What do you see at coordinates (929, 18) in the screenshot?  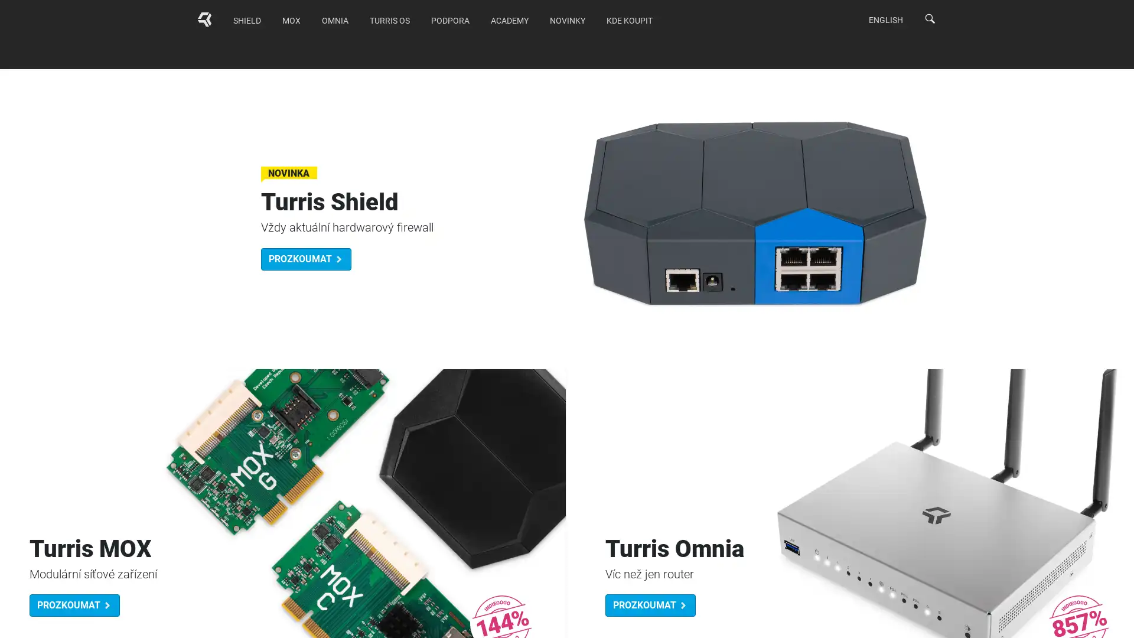 I see `Search icon` at bounding box center [929, 18].